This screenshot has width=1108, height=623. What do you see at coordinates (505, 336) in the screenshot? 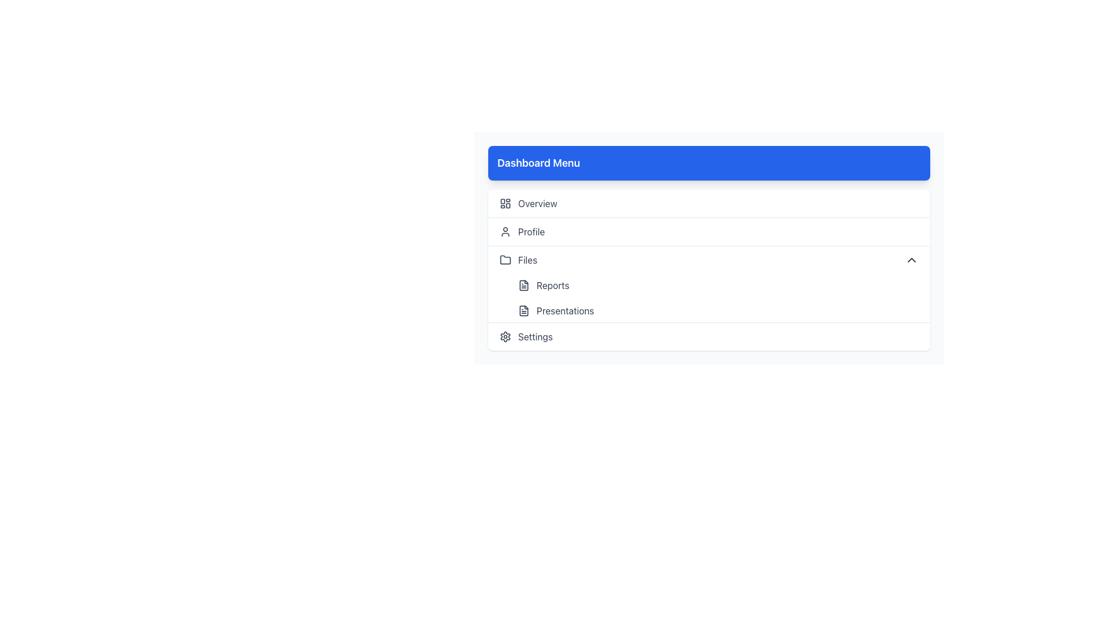
I see `the settings icon located to the left of the 'Settings' text label in the vertical menu` at bounding box center [505, 336].